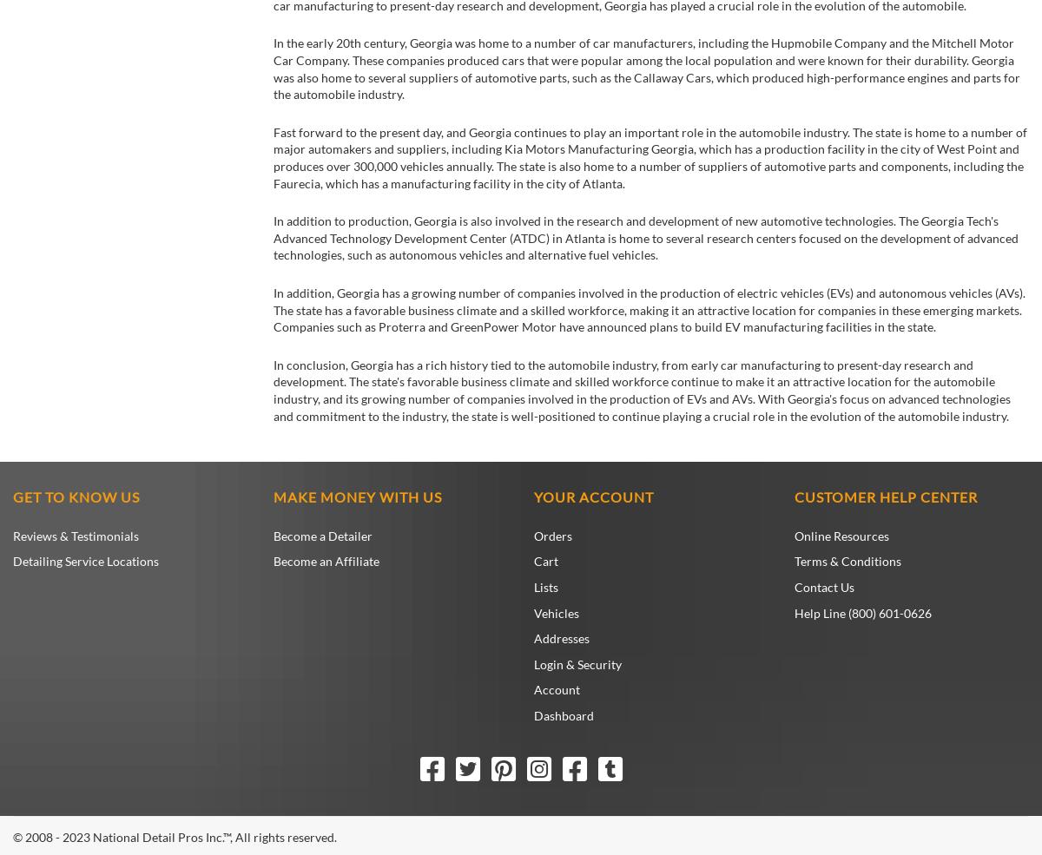 This screenshot has width=1042, height=855. I want to click on 'In conclusion, Georgia has a rich history tied to the automobile industry, from early car manufacturing to present-day research and development. The state's favorable business climate and skilled workforce continue to make it an attractive location for the automobile industry, and its growing number of companies involved in the production of EVs and AVs. With Georgia's focus on advanced technologies and commitment to the industry, the state is well-positioned to continue playing a crucial role in the evolution of the automobile industry.', so click(274, 388).